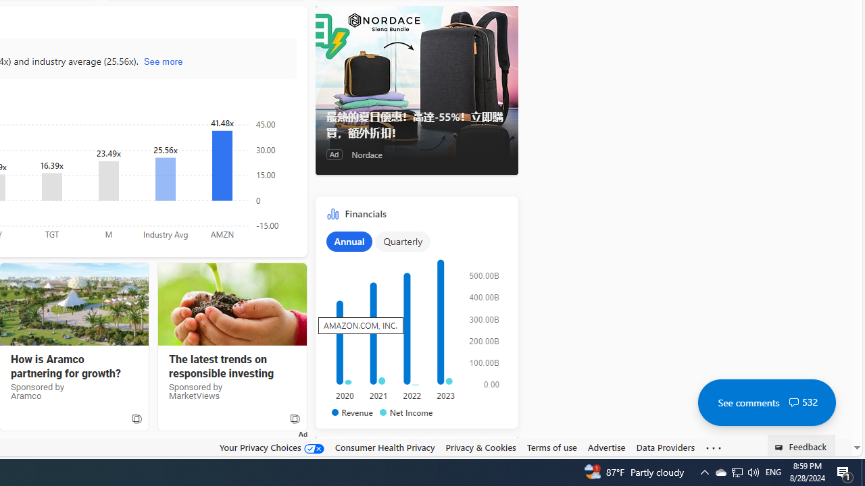  What do you see at coordinates (551, 448) in the screenshot?
I see `'Terms of use'` at bounding box center [551, 448].